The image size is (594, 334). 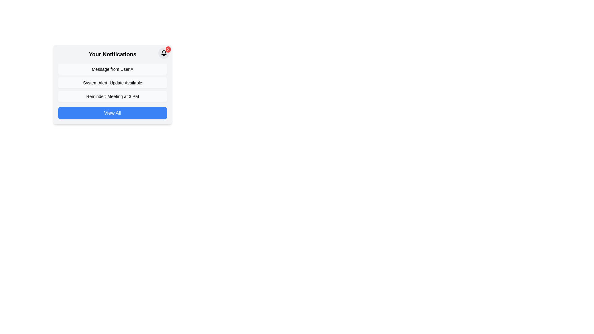 What do you see at coordinates (164, 53) in the screenshot?
I see `the notification indicator badge located in the top-right corner of the notification card to view notifications` at bounding box center [164, 53].